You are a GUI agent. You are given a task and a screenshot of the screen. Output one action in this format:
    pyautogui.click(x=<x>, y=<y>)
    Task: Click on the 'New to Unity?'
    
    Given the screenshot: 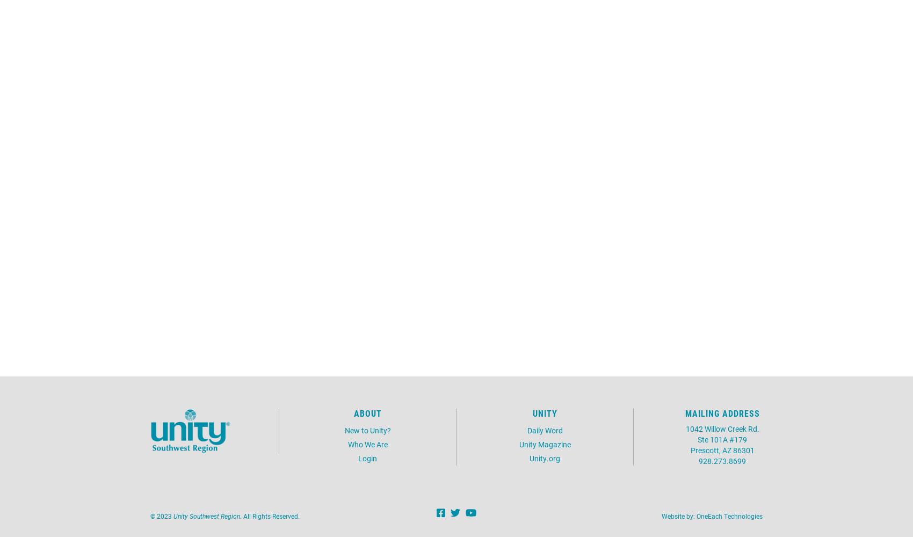 What is the action you would take?
    pyautogui.click(x=367, y=430)
    